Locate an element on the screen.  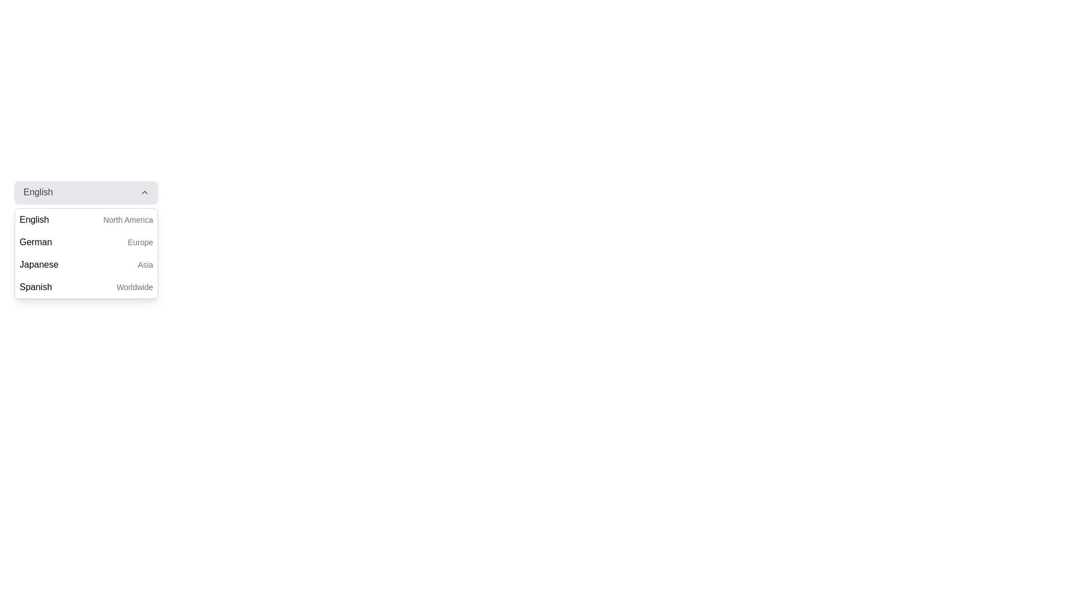
the fourth item in the dropdown menu is located at coordinates (85, 287).